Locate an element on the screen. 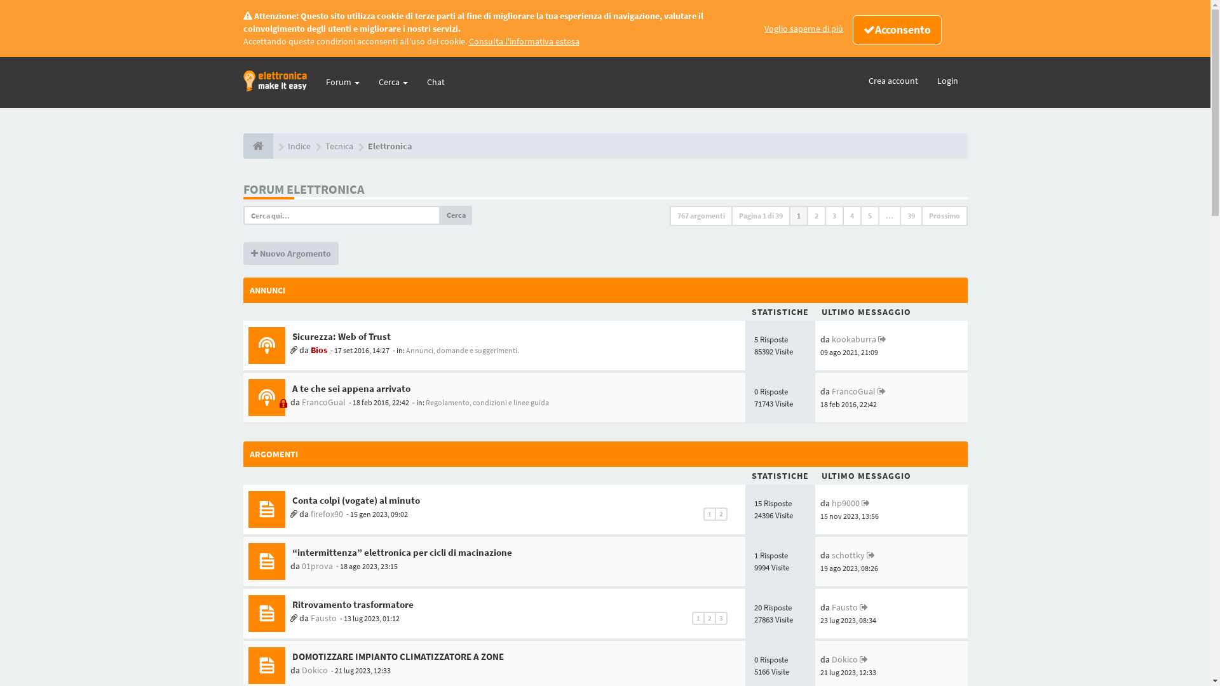  'hp9000' is located at coordinates (832, 502).